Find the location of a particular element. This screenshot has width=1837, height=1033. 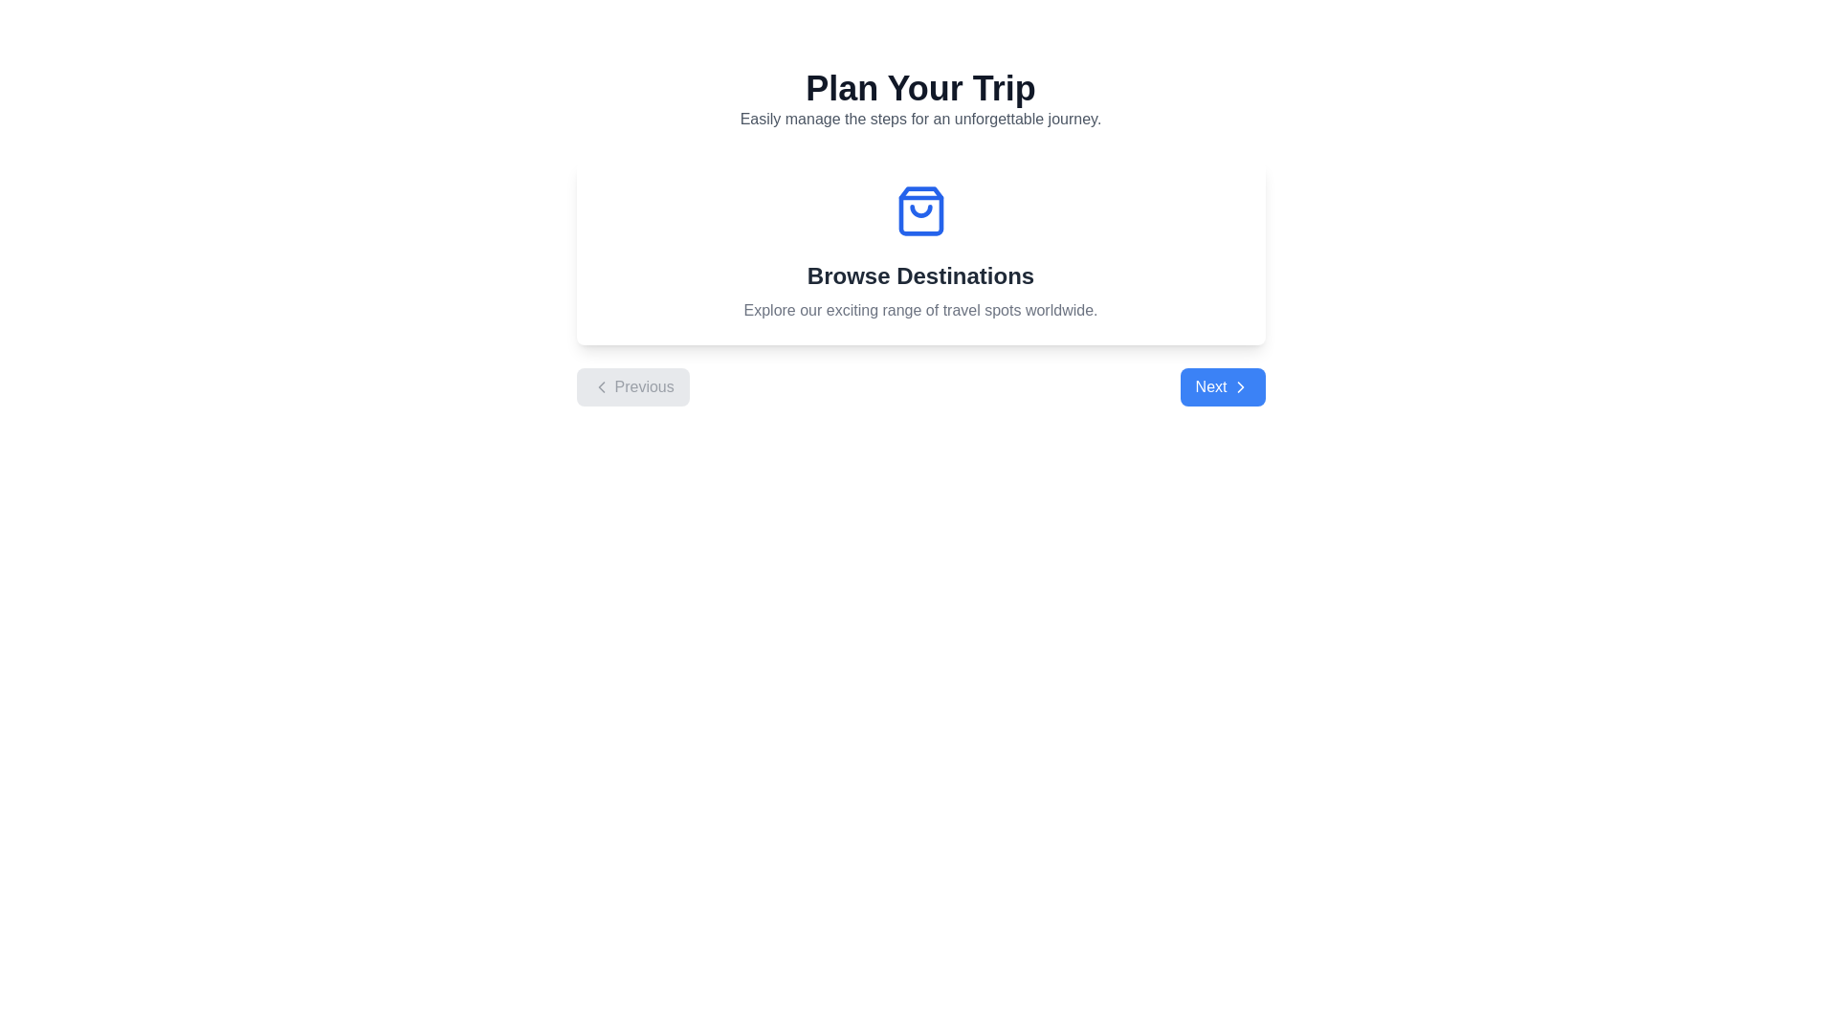

the chevron icon located inside the 'Next' button at the bottom right of the interface is located at coordinates (1240, 387).